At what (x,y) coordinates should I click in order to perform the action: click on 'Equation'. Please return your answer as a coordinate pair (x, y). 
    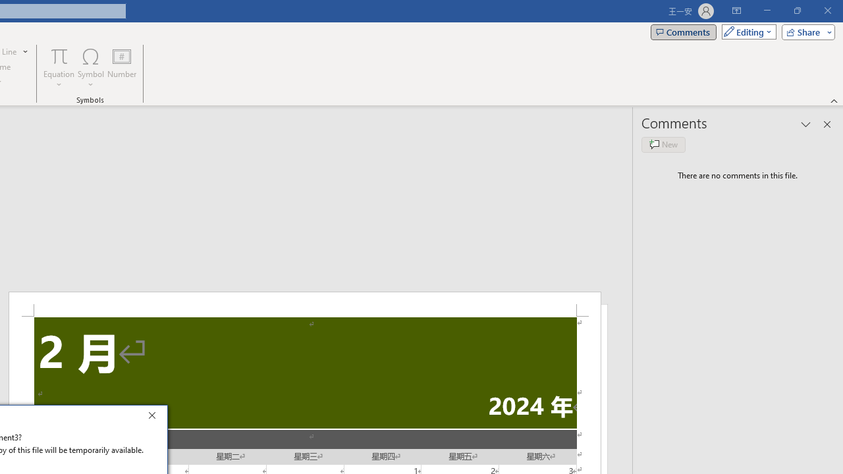
    Looking at the image, I should click on (59, 55).